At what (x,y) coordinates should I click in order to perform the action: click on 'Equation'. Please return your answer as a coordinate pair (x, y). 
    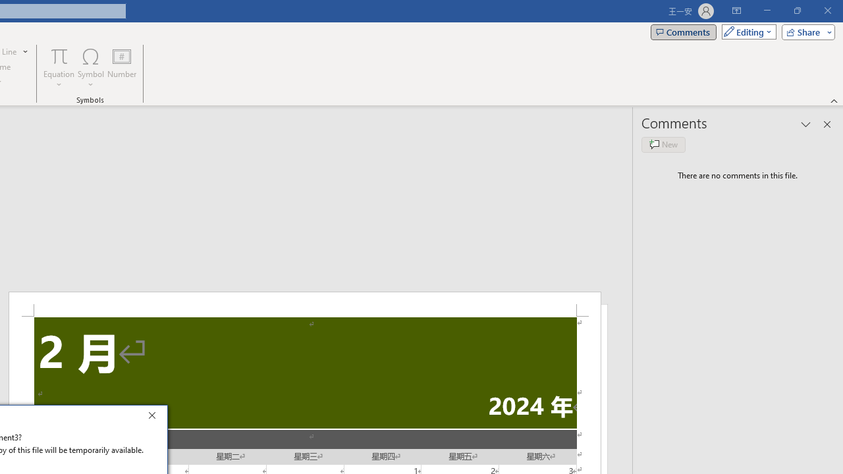
    Looking at the image, I should click on (59, 55).